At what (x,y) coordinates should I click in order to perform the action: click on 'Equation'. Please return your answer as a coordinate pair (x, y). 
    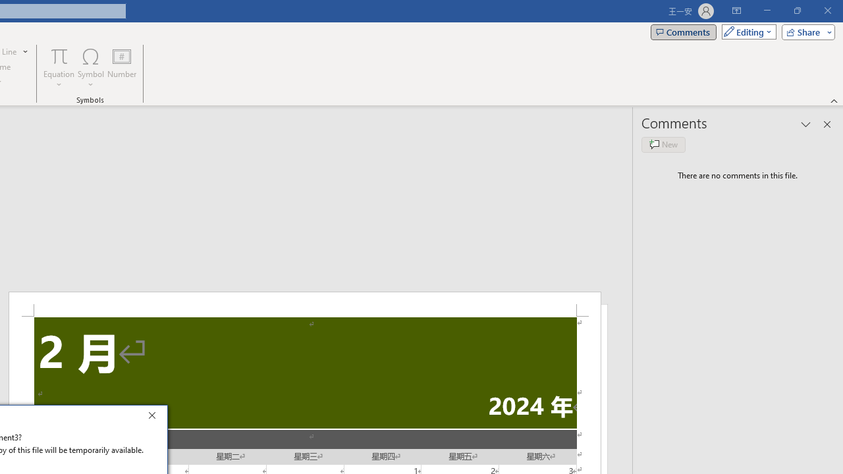
    Looking at the image, I should click on (59, 55).